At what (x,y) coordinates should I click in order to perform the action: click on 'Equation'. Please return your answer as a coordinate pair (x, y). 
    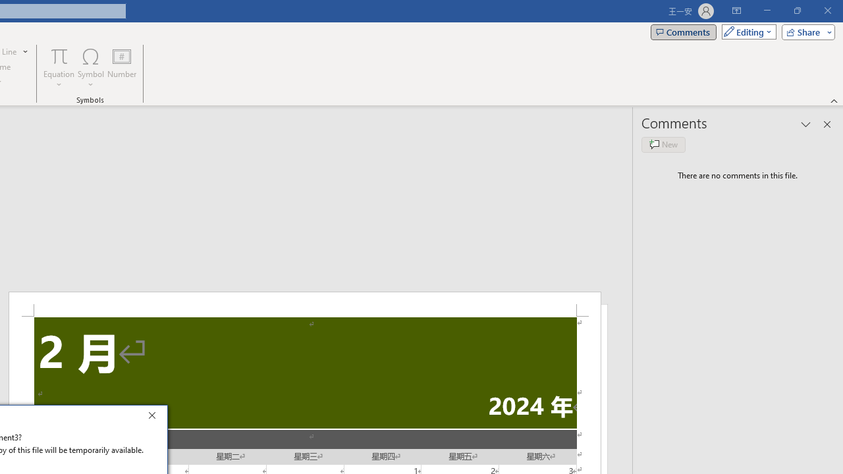
    Looking at the image, I should click on (59, 55).